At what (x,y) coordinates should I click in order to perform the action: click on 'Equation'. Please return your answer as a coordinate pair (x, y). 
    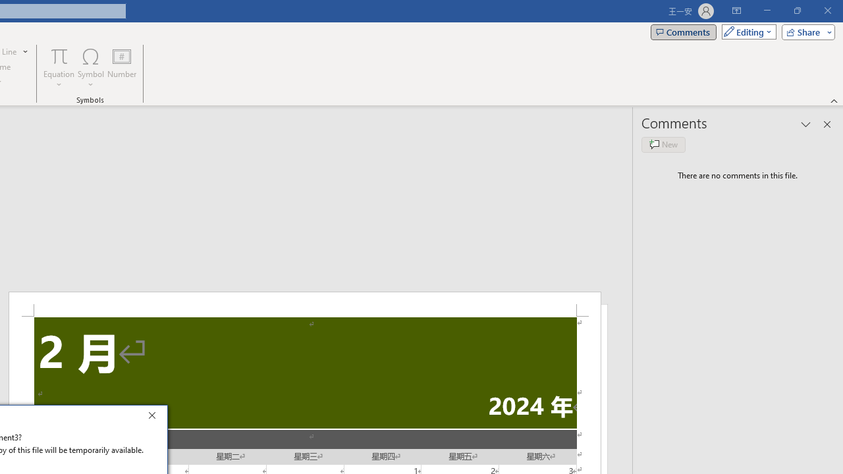
    Looking at the image, I should click on (59, 55).